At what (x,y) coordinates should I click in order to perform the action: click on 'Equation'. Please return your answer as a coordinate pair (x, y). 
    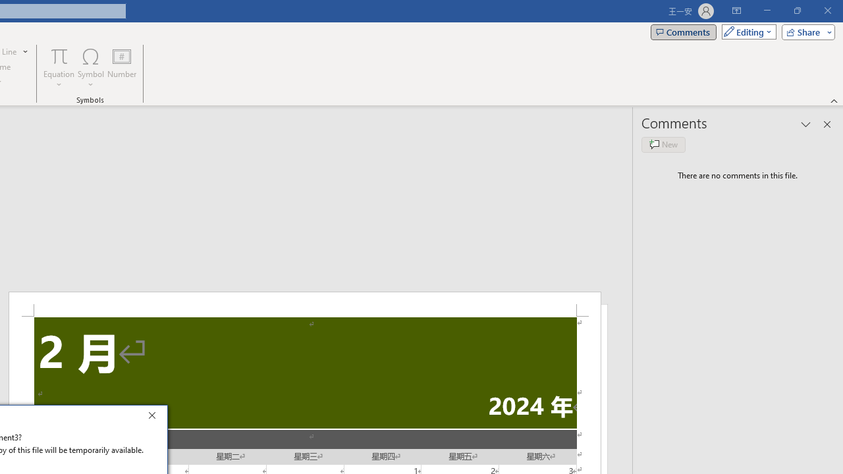
    Looking at the image, I should click on (59, 55).